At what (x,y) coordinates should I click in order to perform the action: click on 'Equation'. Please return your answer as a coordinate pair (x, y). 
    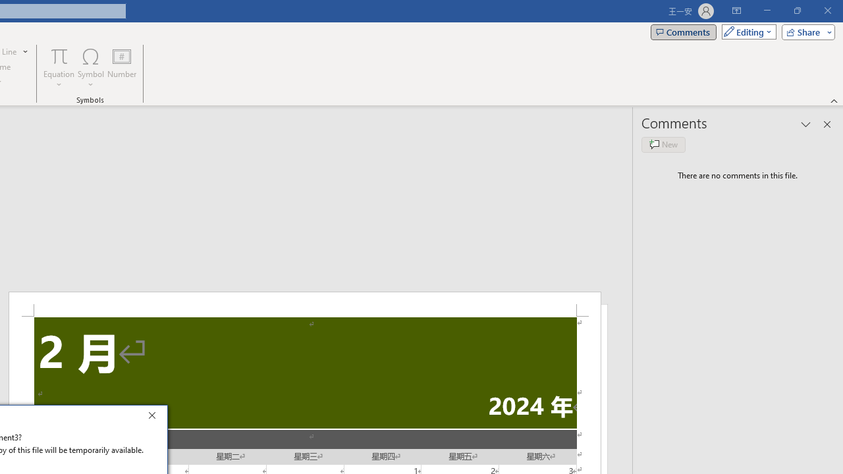
    Looking at the image, I should click on (59, 55).